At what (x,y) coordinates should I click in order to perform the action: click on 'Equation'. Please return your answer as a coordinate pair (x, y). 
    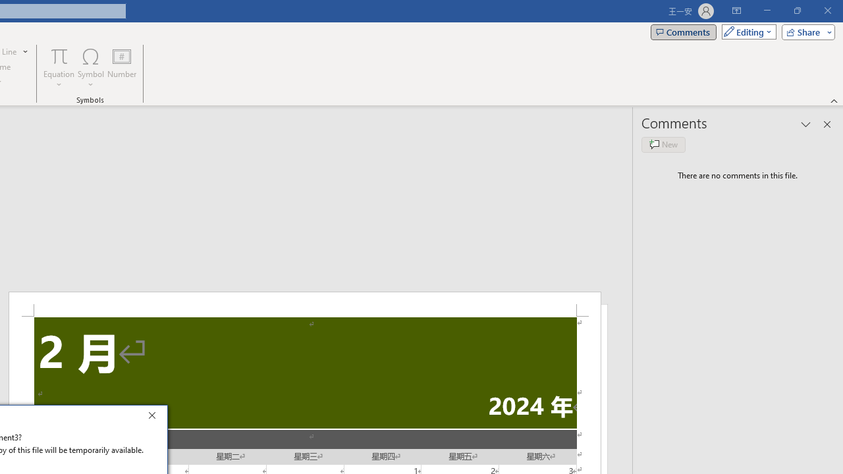
    Looking at the image, I should click on (59, 55).